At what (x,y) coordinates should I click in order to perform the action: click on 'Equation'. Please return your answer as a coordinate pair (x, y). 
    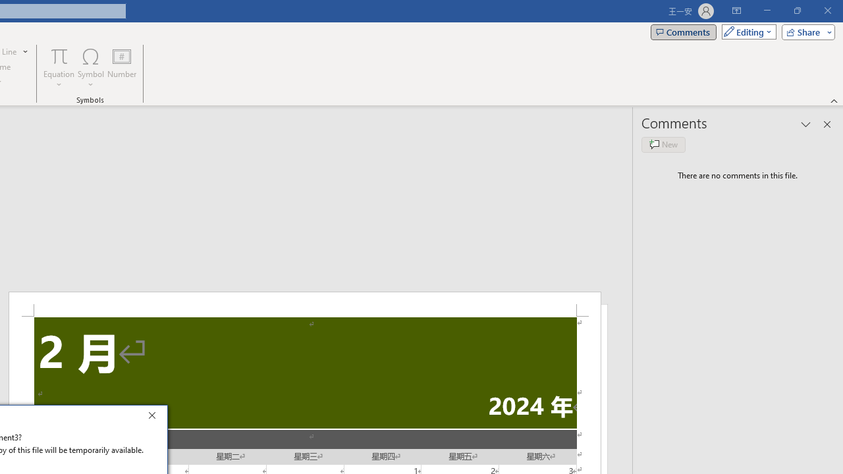
    Looking at the image, I should click on (59, 55).